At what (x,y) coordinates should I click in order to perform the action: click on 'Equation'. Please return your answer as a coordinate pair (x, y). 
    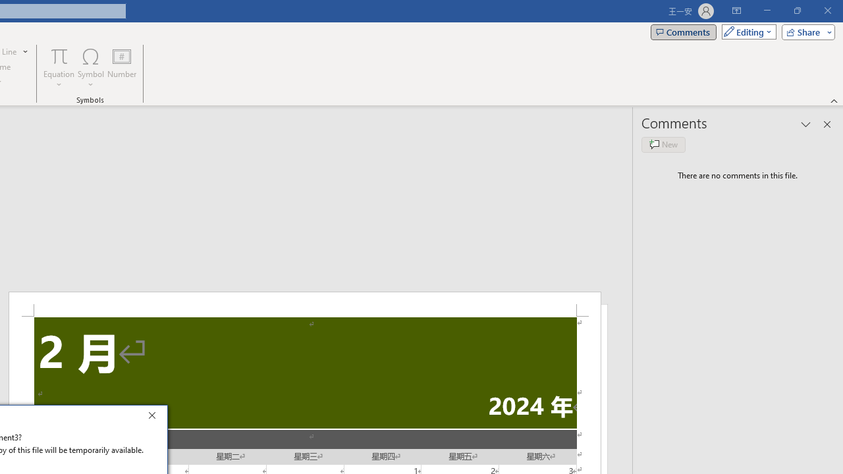
    Looking at the image, I should click on (59, 55).